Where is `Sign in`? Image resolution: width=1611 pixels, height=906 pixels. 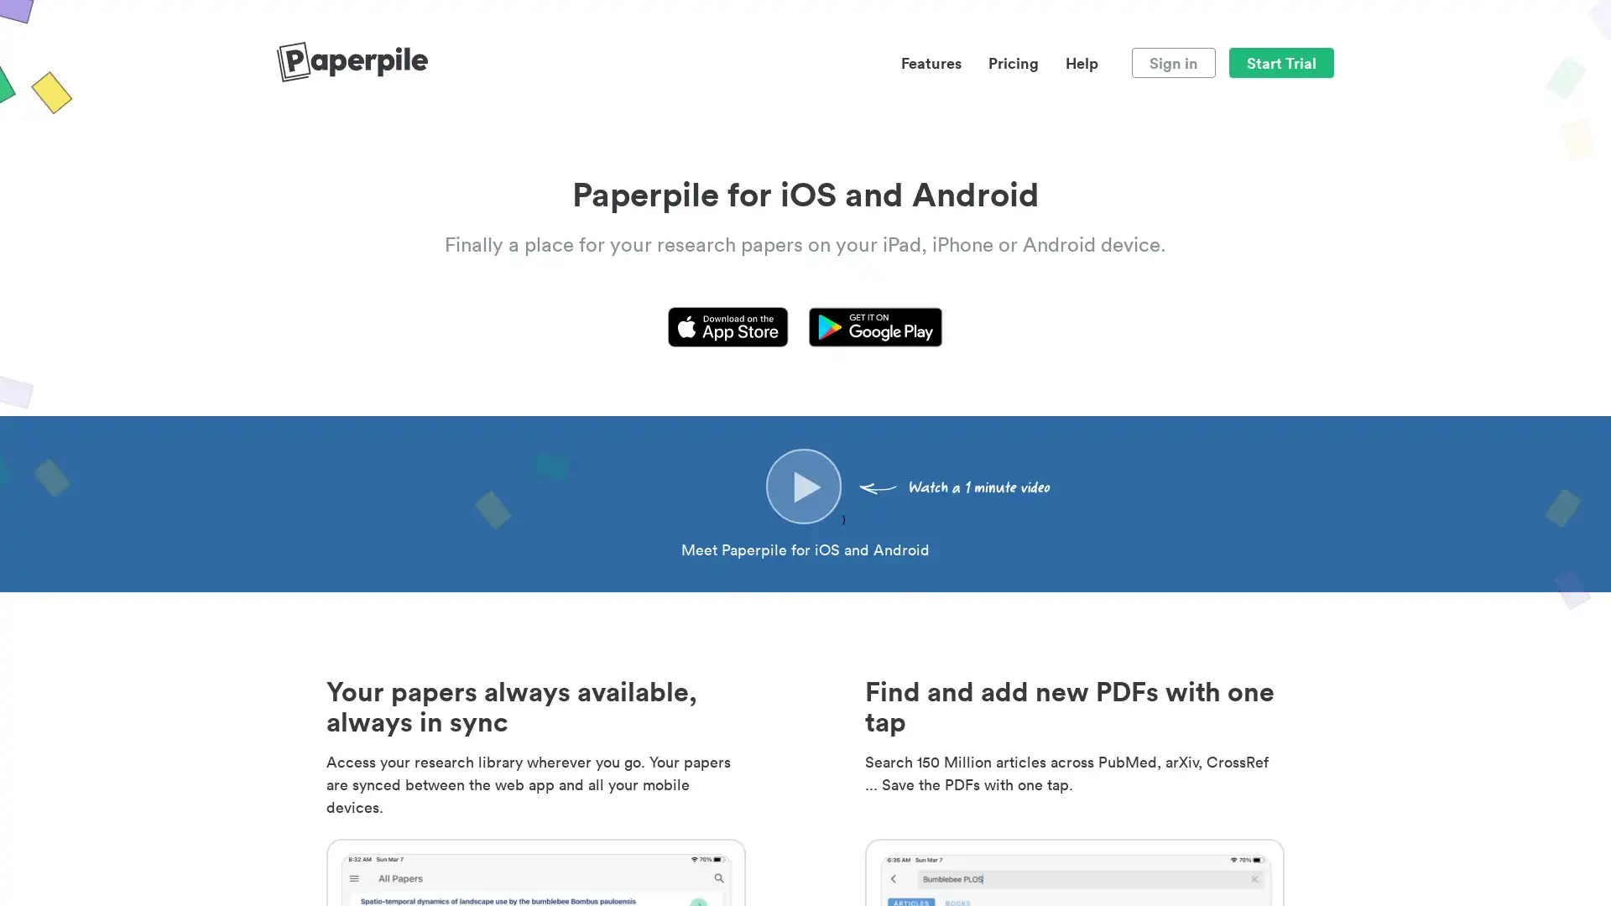 Sign in is located at coordinates (1172, 61).